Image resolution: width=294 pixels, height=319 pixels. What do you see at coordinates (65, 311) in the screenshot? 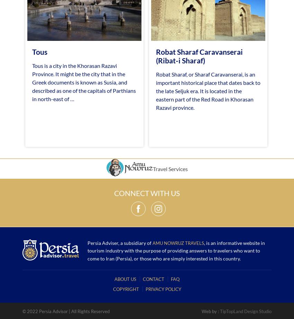
I see `'© 2022 Persia Advisor | All Rights Reserved'` at bounding box center [65, 311].